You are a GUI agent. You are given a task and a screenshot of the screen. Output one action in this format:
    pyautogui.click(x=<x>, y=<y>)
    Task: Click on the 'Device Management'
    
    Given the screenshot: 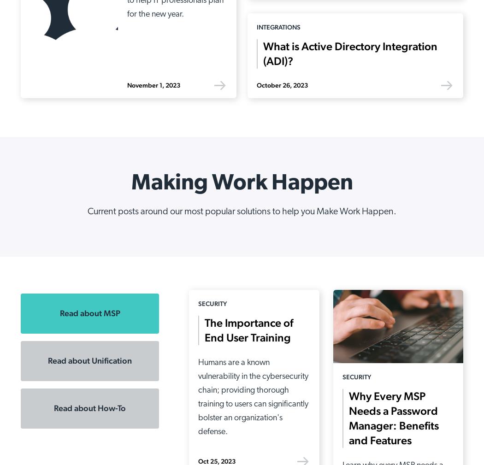 What is the action you would take?
    pyautogui.click(x=126, y=196)
    